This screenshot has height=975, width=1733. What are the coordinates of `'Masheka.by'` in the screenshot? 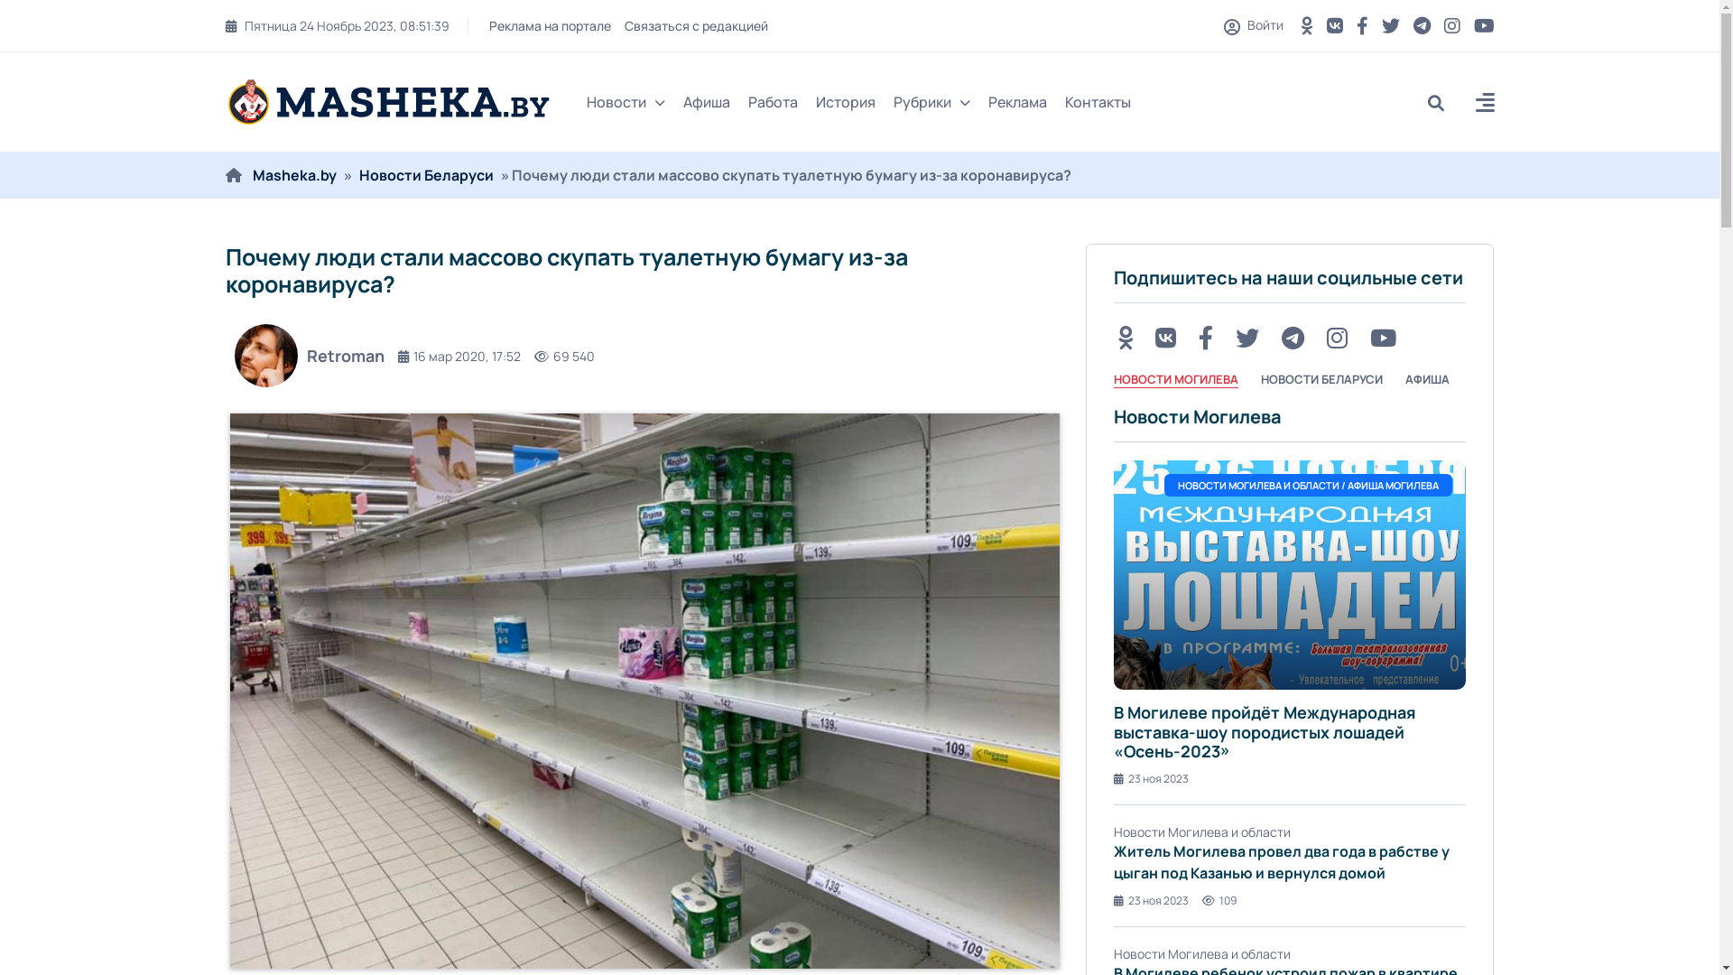 It's located at (294, 174).